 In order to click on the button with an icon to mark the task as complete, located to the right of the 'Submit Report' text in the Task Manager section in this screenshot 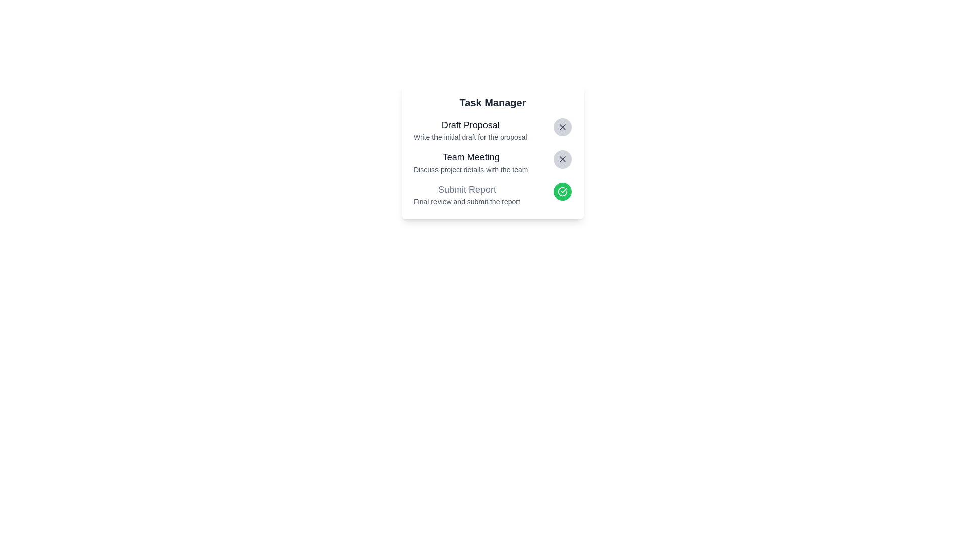, I will do `click(562, 192)`.